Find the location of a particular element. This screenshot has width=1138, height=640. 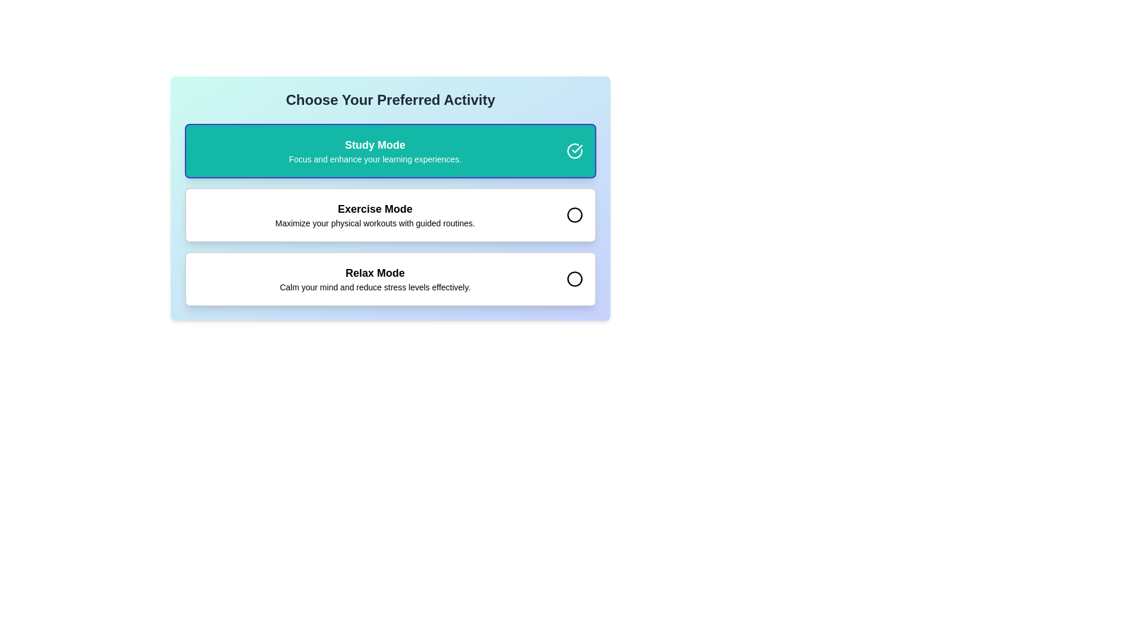

the bold 'Study Mode' text label, which is the first element in a list of selectable options, located near the top of a teal rounded rectangular area is located at coordinates (375, 145).